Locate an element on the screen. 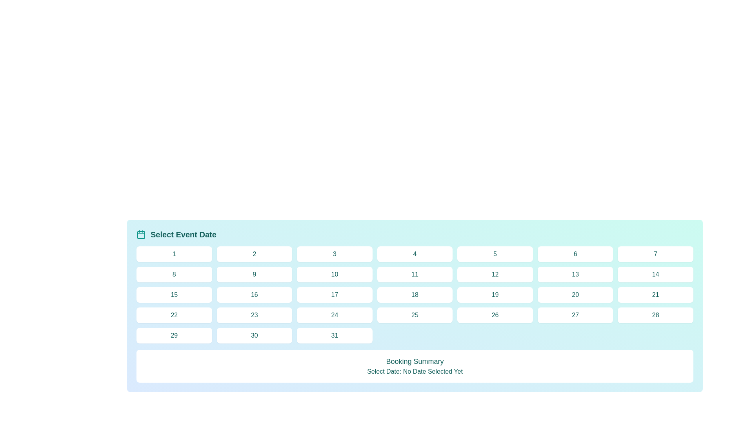 This screenshot has height=423, width=753. the button labeled '18' with a teal text color, located in the third row and fourth column of the date selection grid for keyboard navigation is located at coordinates (414, 295).